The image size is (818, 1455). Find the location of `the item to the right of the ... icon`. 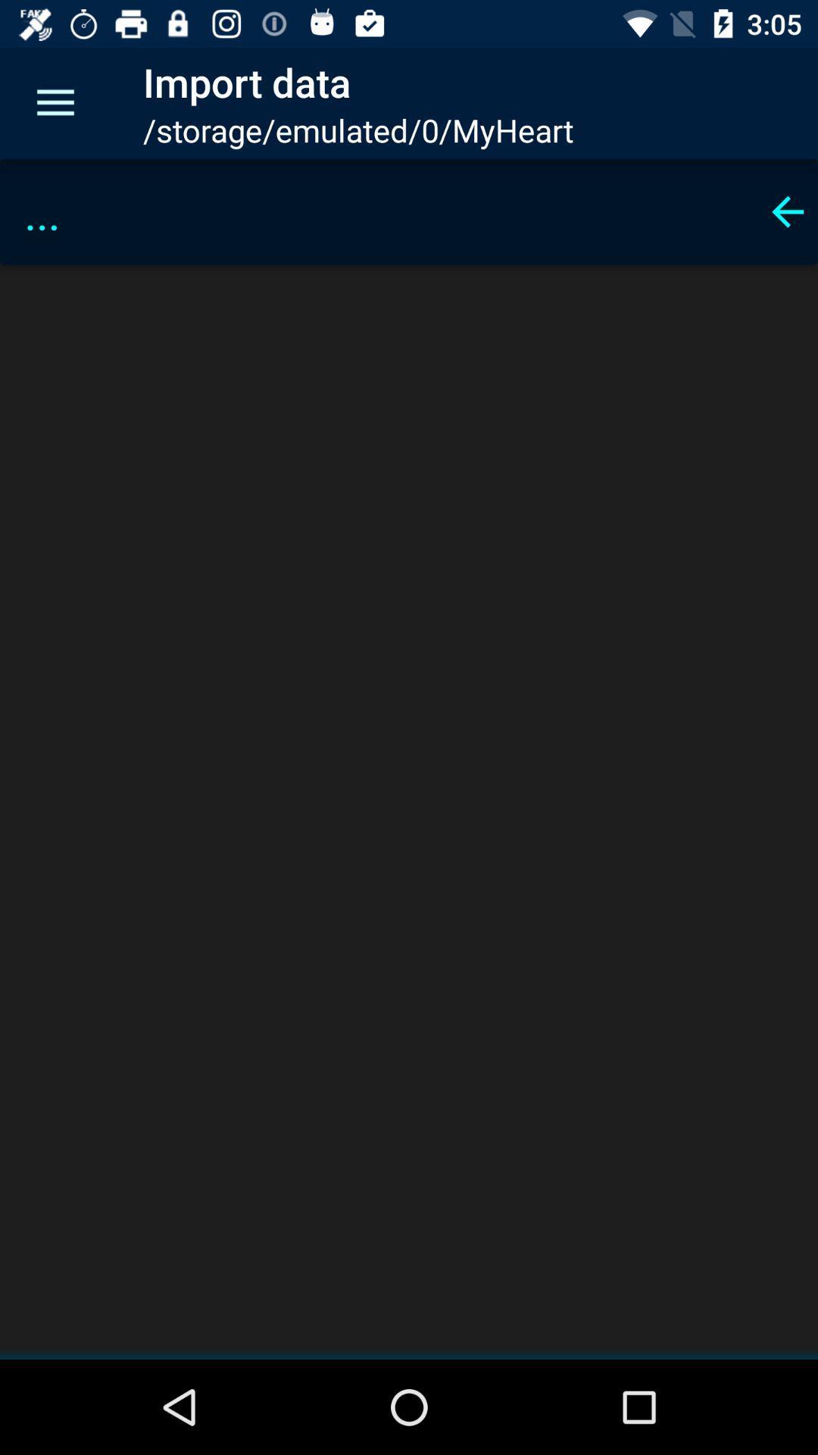

the item to the right of the ... icon is located at coordinates (787, 211).